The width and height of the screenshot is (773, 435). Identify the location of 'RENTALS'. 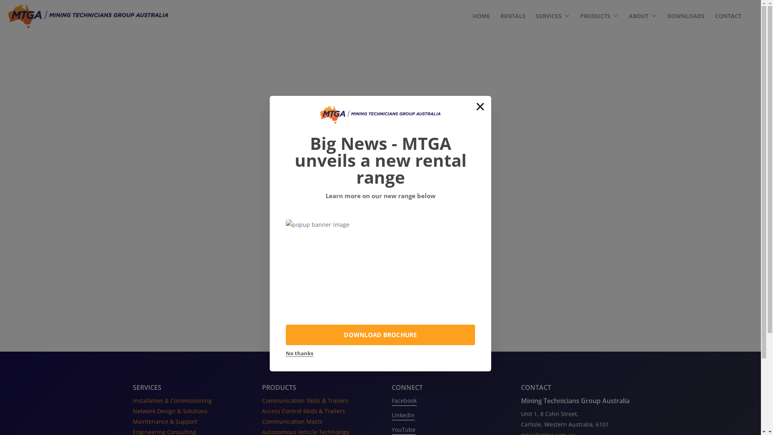
(512, 16).